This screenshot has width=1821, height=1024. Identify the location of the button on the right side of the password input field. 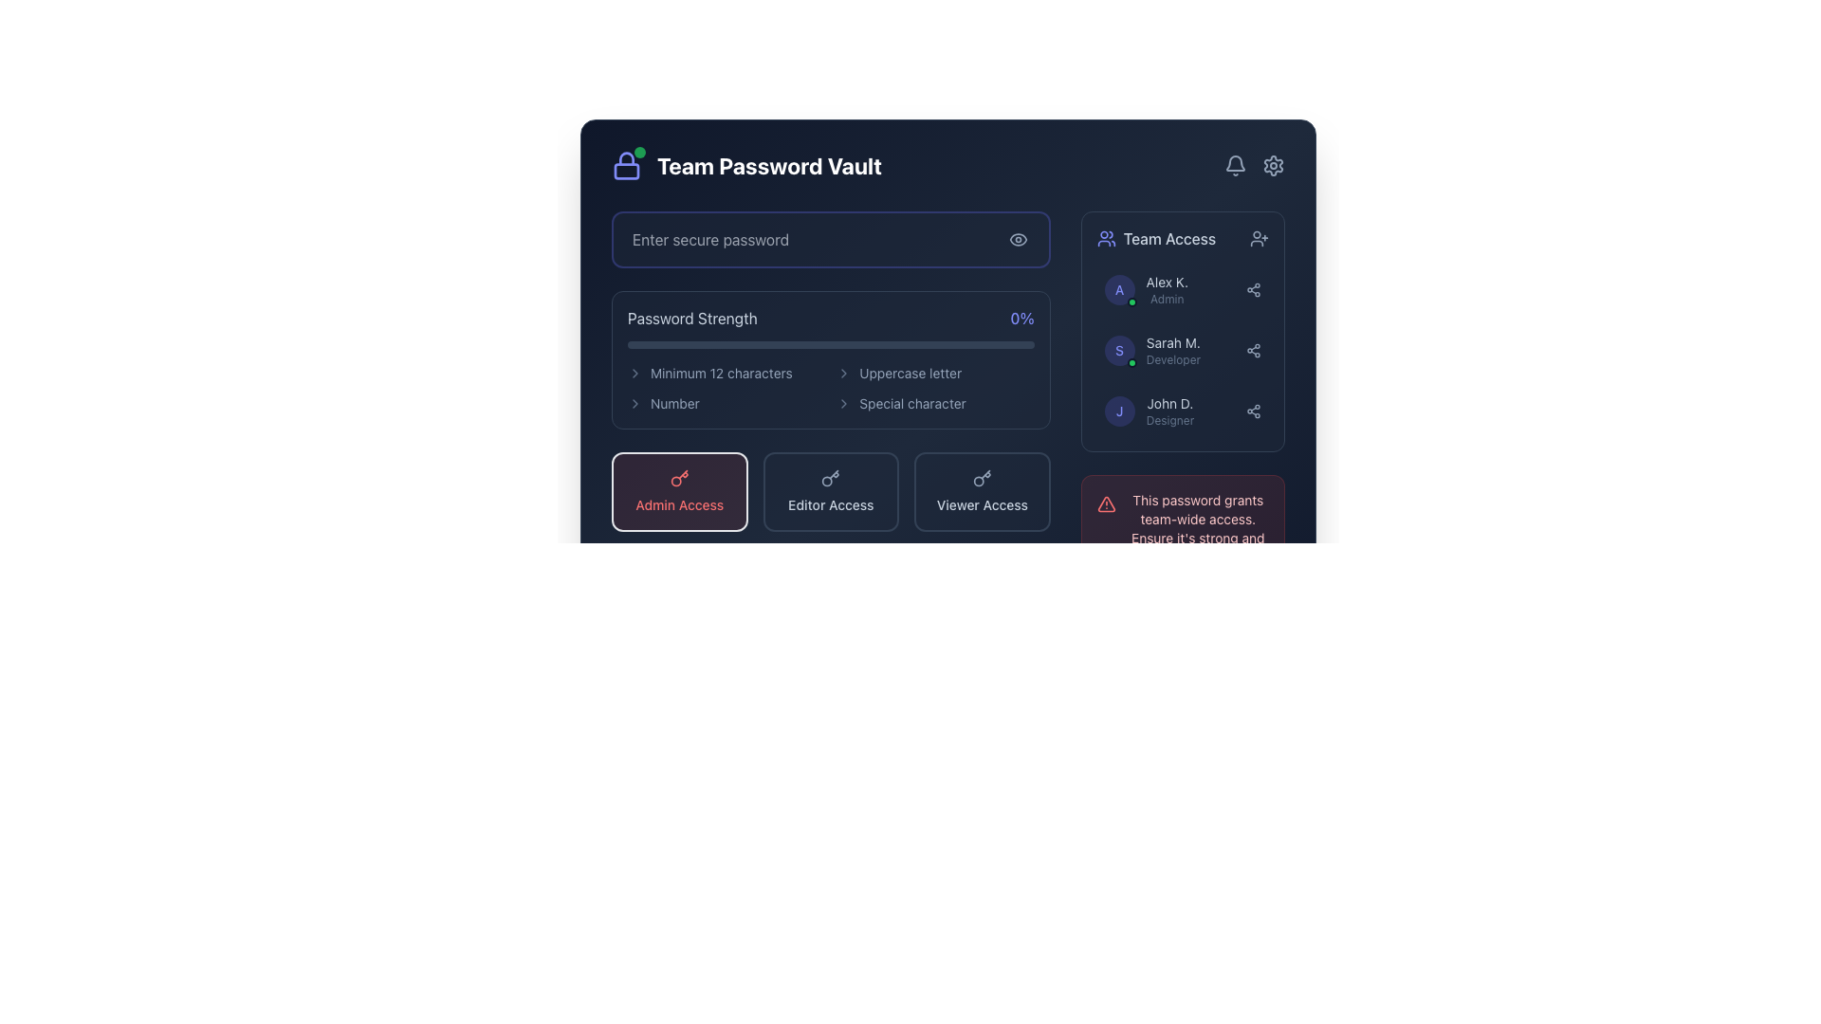
(1017, 239).